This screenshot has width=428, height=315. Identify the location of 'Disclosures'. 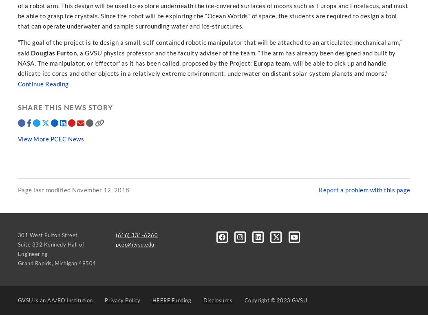
(218, 300).